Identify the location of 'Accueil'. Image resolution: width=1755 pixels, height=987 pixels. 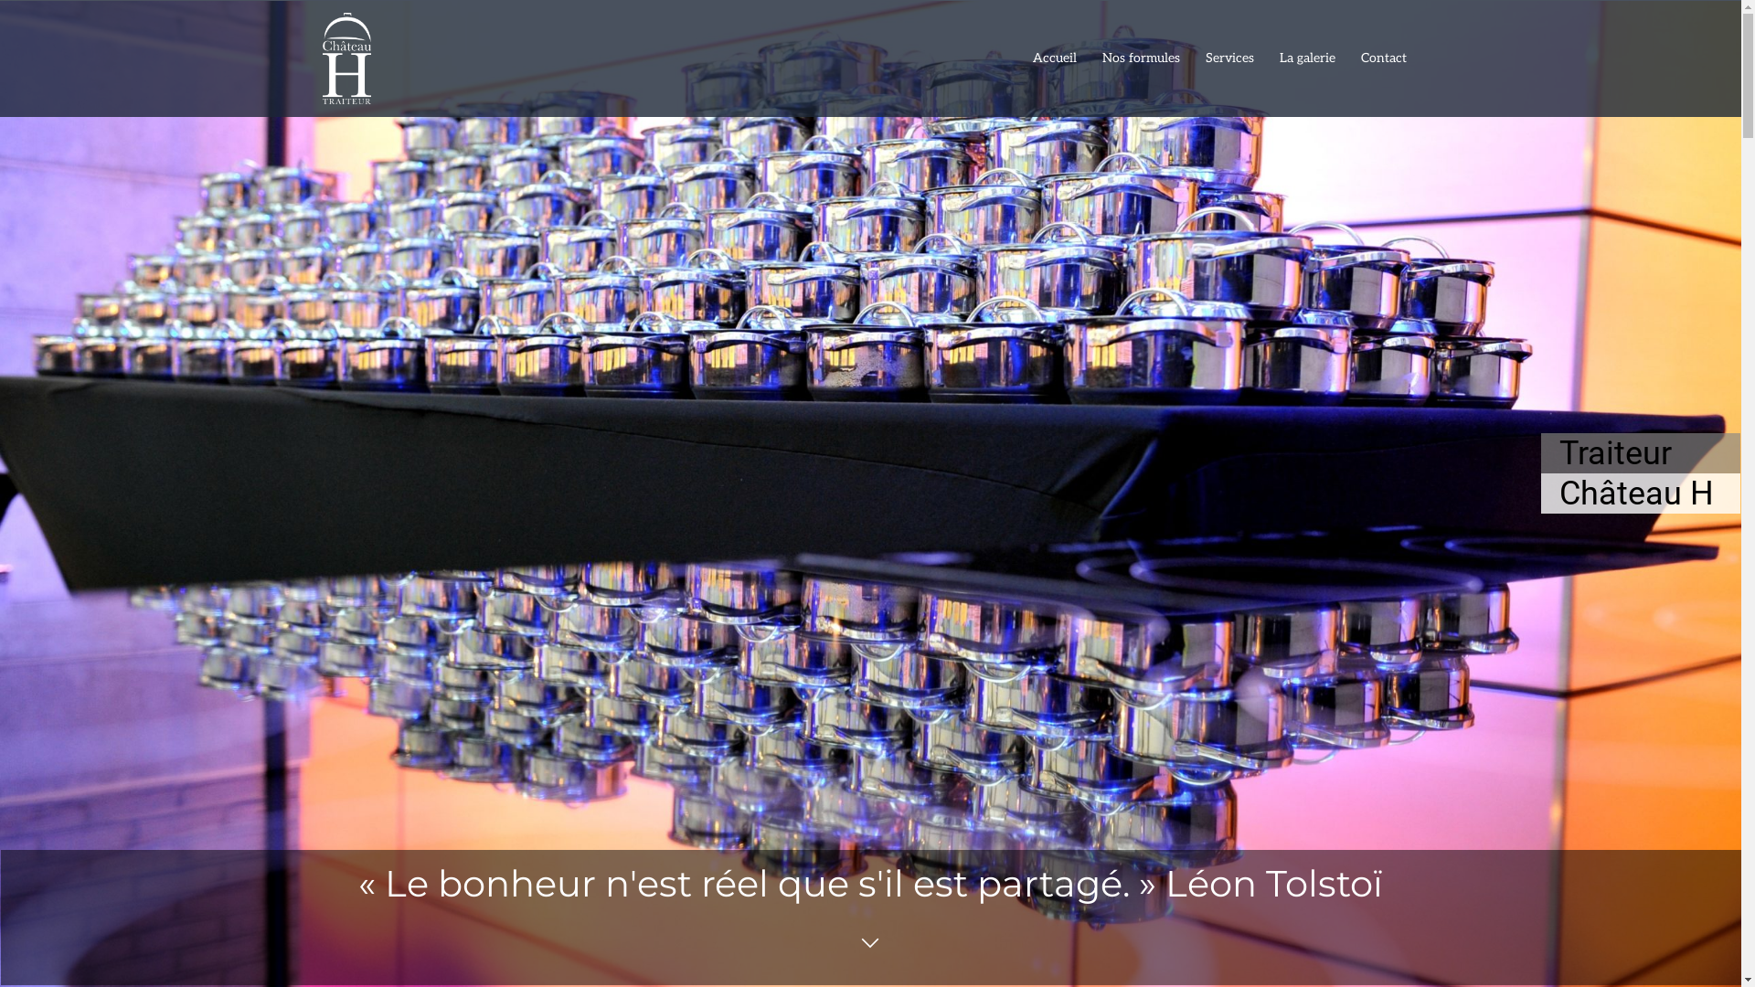
(1054, 58).